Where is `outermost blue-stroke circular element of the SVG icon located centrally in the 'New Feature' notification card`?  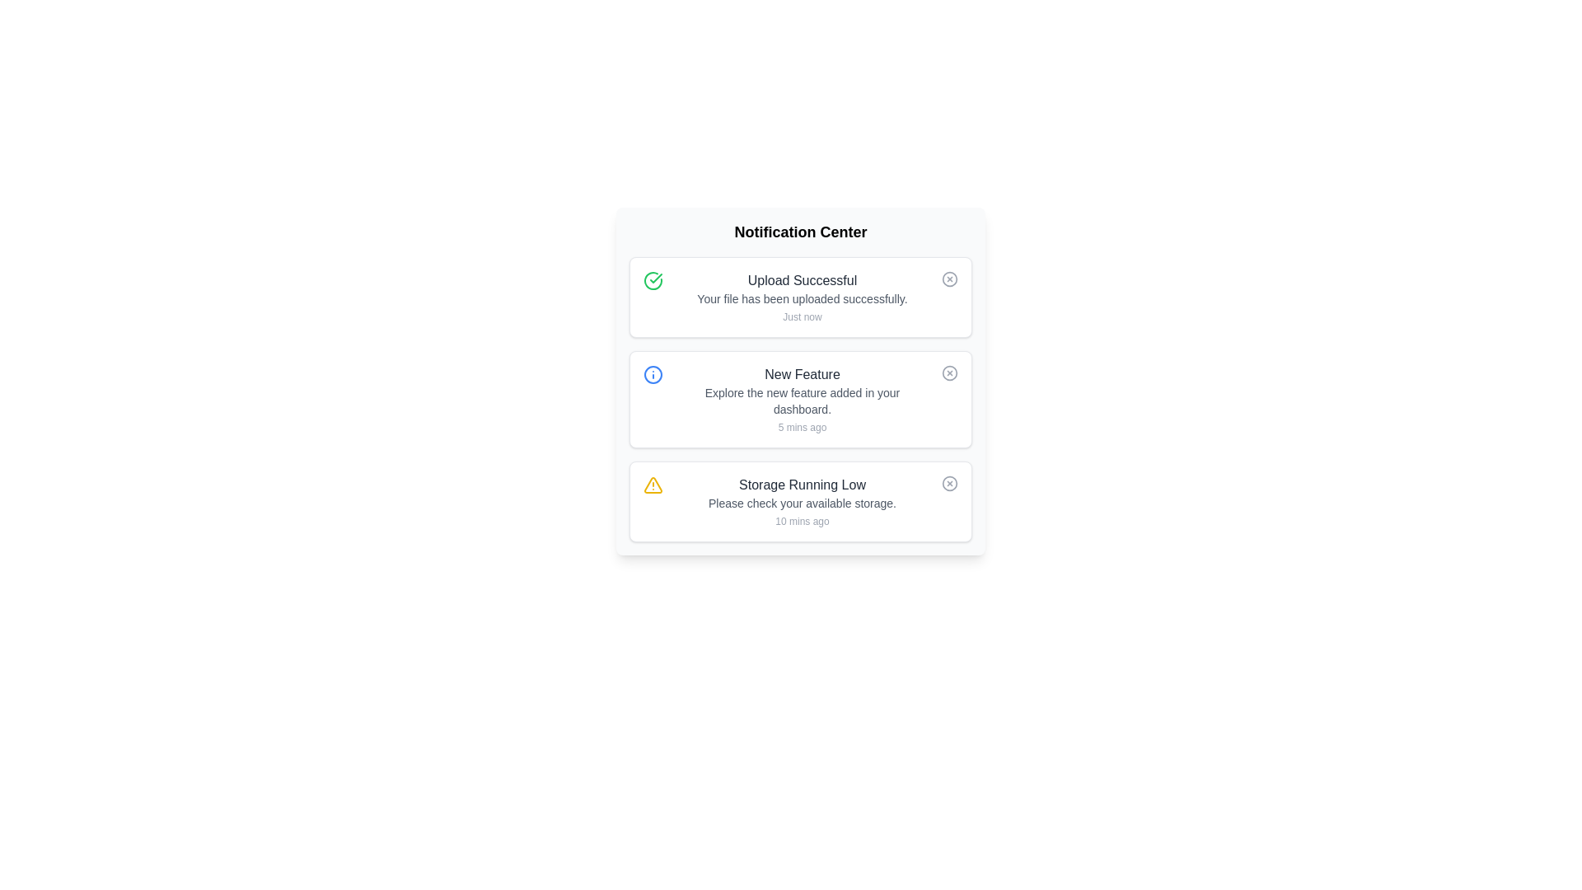
outermost blue-stroke circular element of the SVG icon located centrally in the 'New Feature' notification card is located at coordinates (652, 375).